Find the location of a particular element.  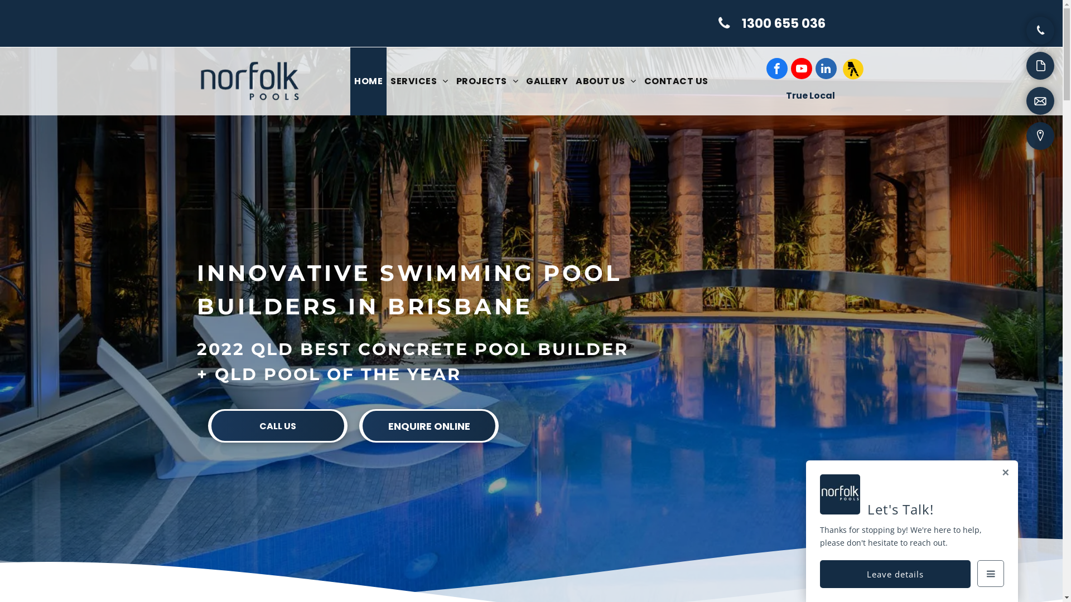

'ABOUT US' is located at coordinates (605, 81).